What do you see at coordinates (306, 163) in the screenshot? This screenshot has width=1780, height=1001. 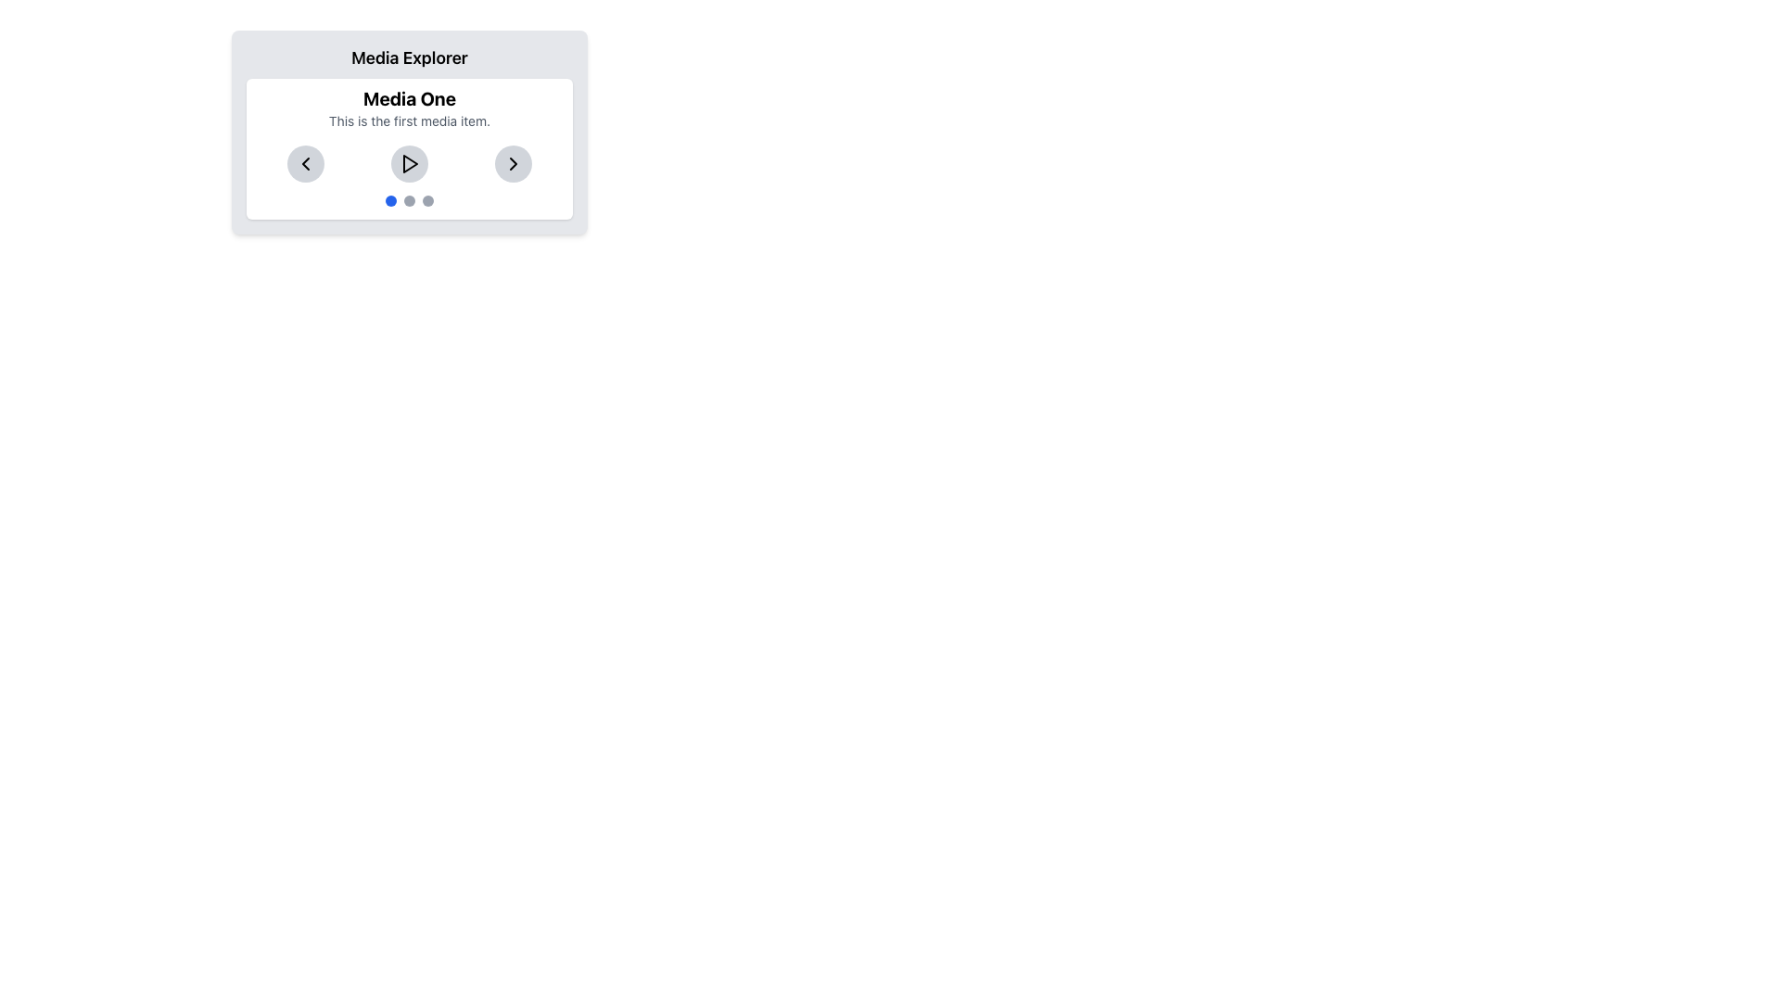 I see `the leftmost navigation button in the 'Media Explorer' section` at bounding box center [306, 163].